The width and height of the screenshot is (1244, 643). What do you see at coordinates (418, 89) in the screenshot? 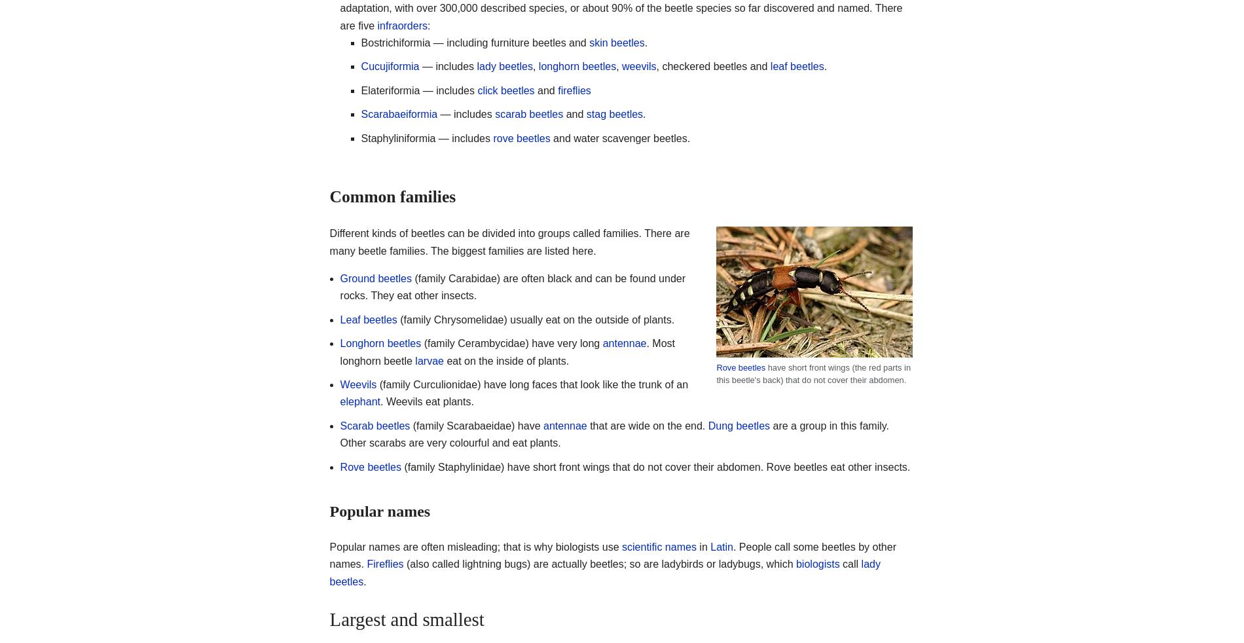
I see `'Elateriformia — includes'` at bounding box center [418, 89].